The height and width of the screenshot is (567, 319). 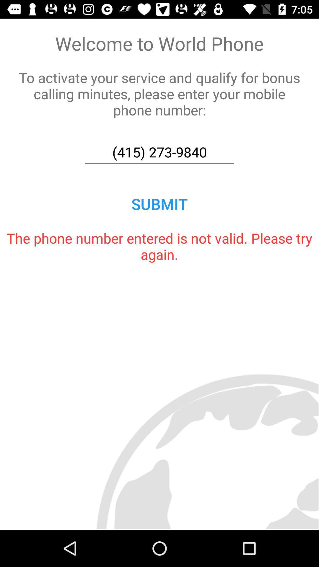 I want to click on the icon above the phone number icon, so click(x=159, y=204).